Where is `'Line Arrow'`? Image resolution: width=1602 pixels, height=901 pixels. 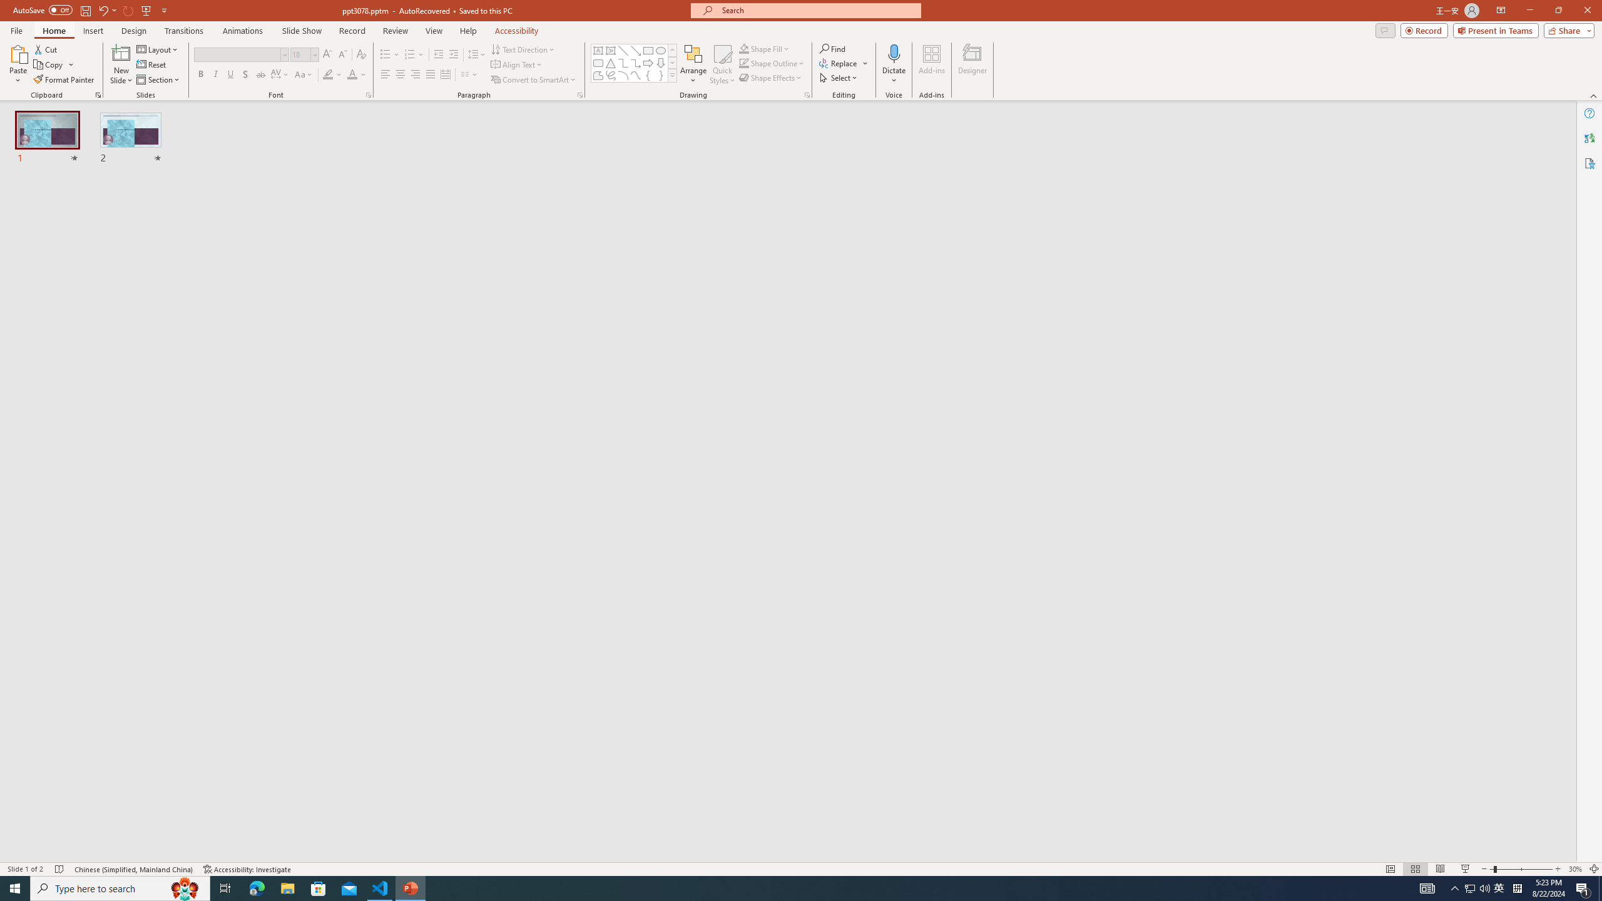 'Line Arrow' is located at coordinates (635, 50).